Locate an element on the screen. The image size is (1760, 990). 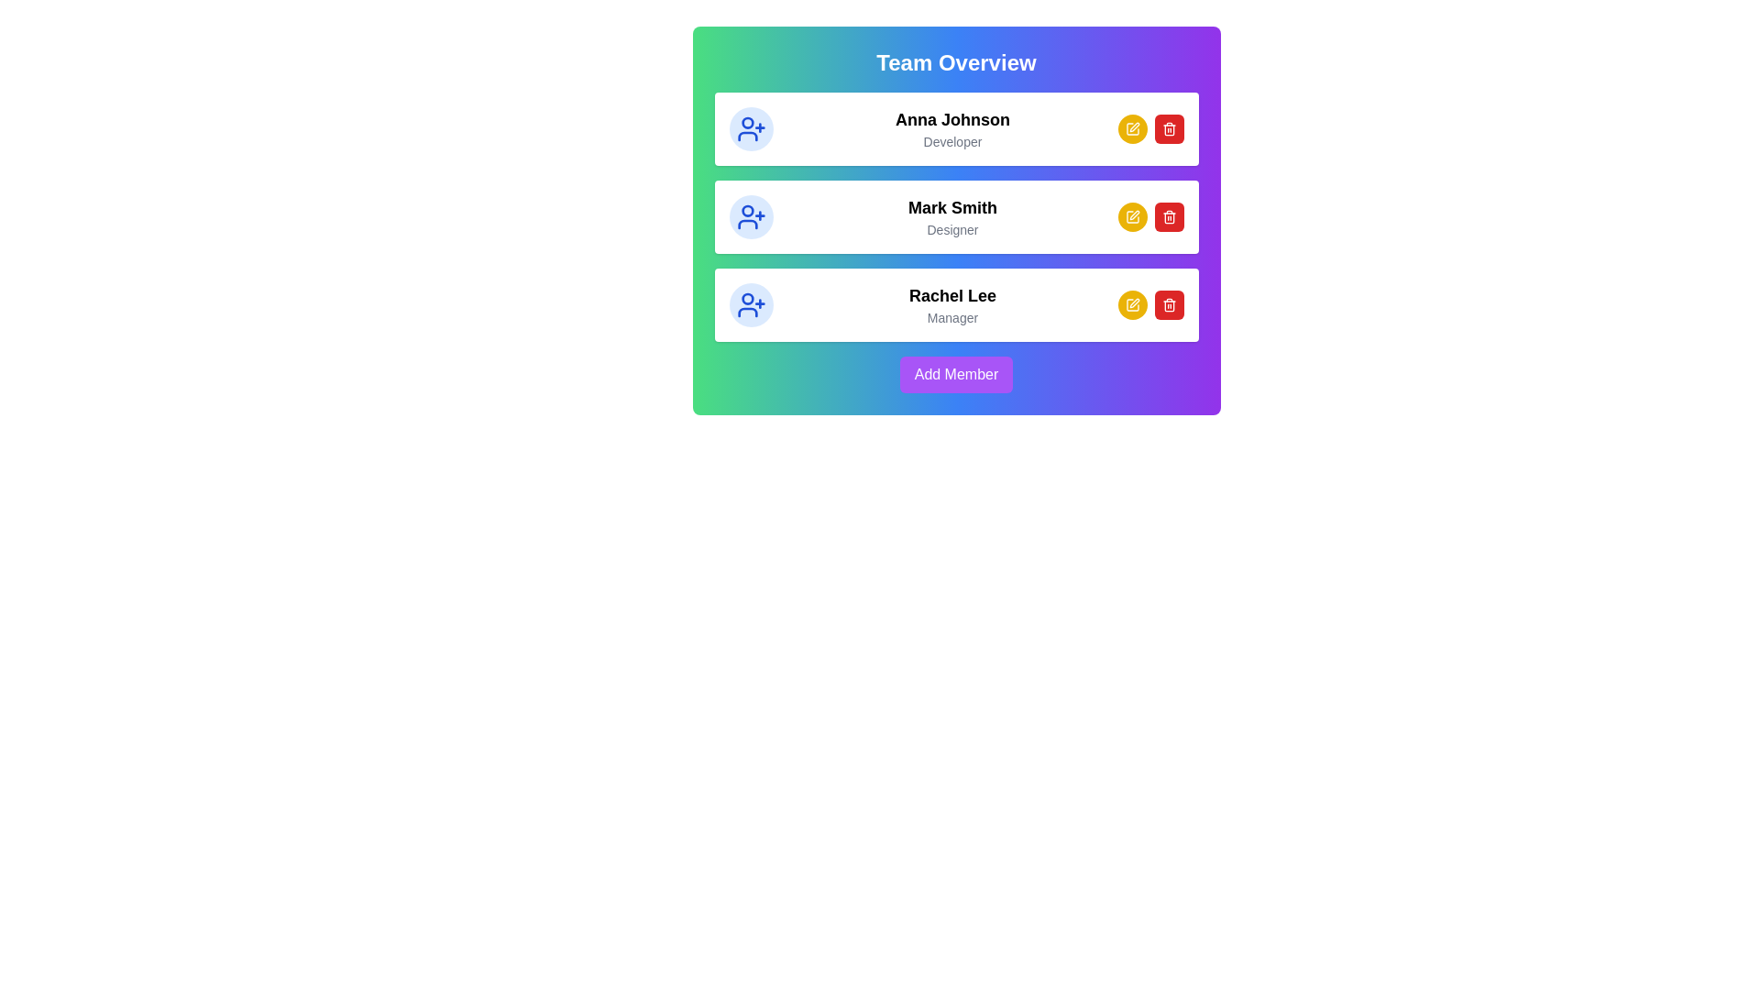
the upper circular region of the first user icon in the list, which is represented by a decorative circle is located at coordinates (747, 123).